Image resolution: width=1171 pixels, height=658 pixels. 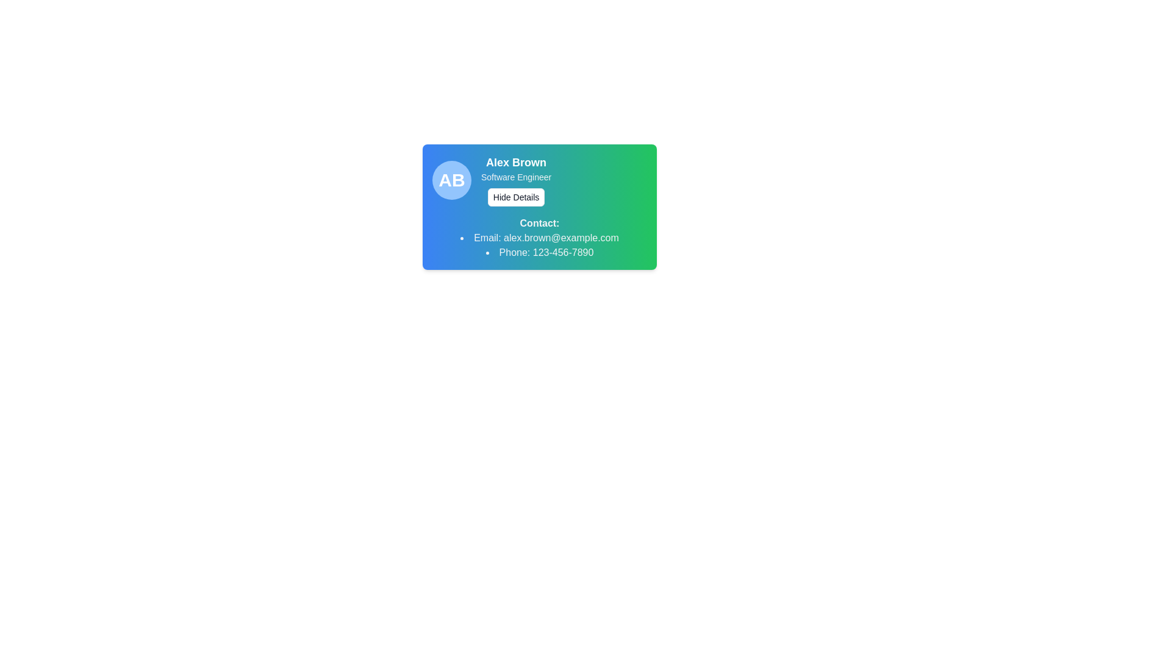 I want to click on the 'Hide Details' button located within the Information block featuring a gradient background and the name 'Alex Brown', so click(x=539, y=180).